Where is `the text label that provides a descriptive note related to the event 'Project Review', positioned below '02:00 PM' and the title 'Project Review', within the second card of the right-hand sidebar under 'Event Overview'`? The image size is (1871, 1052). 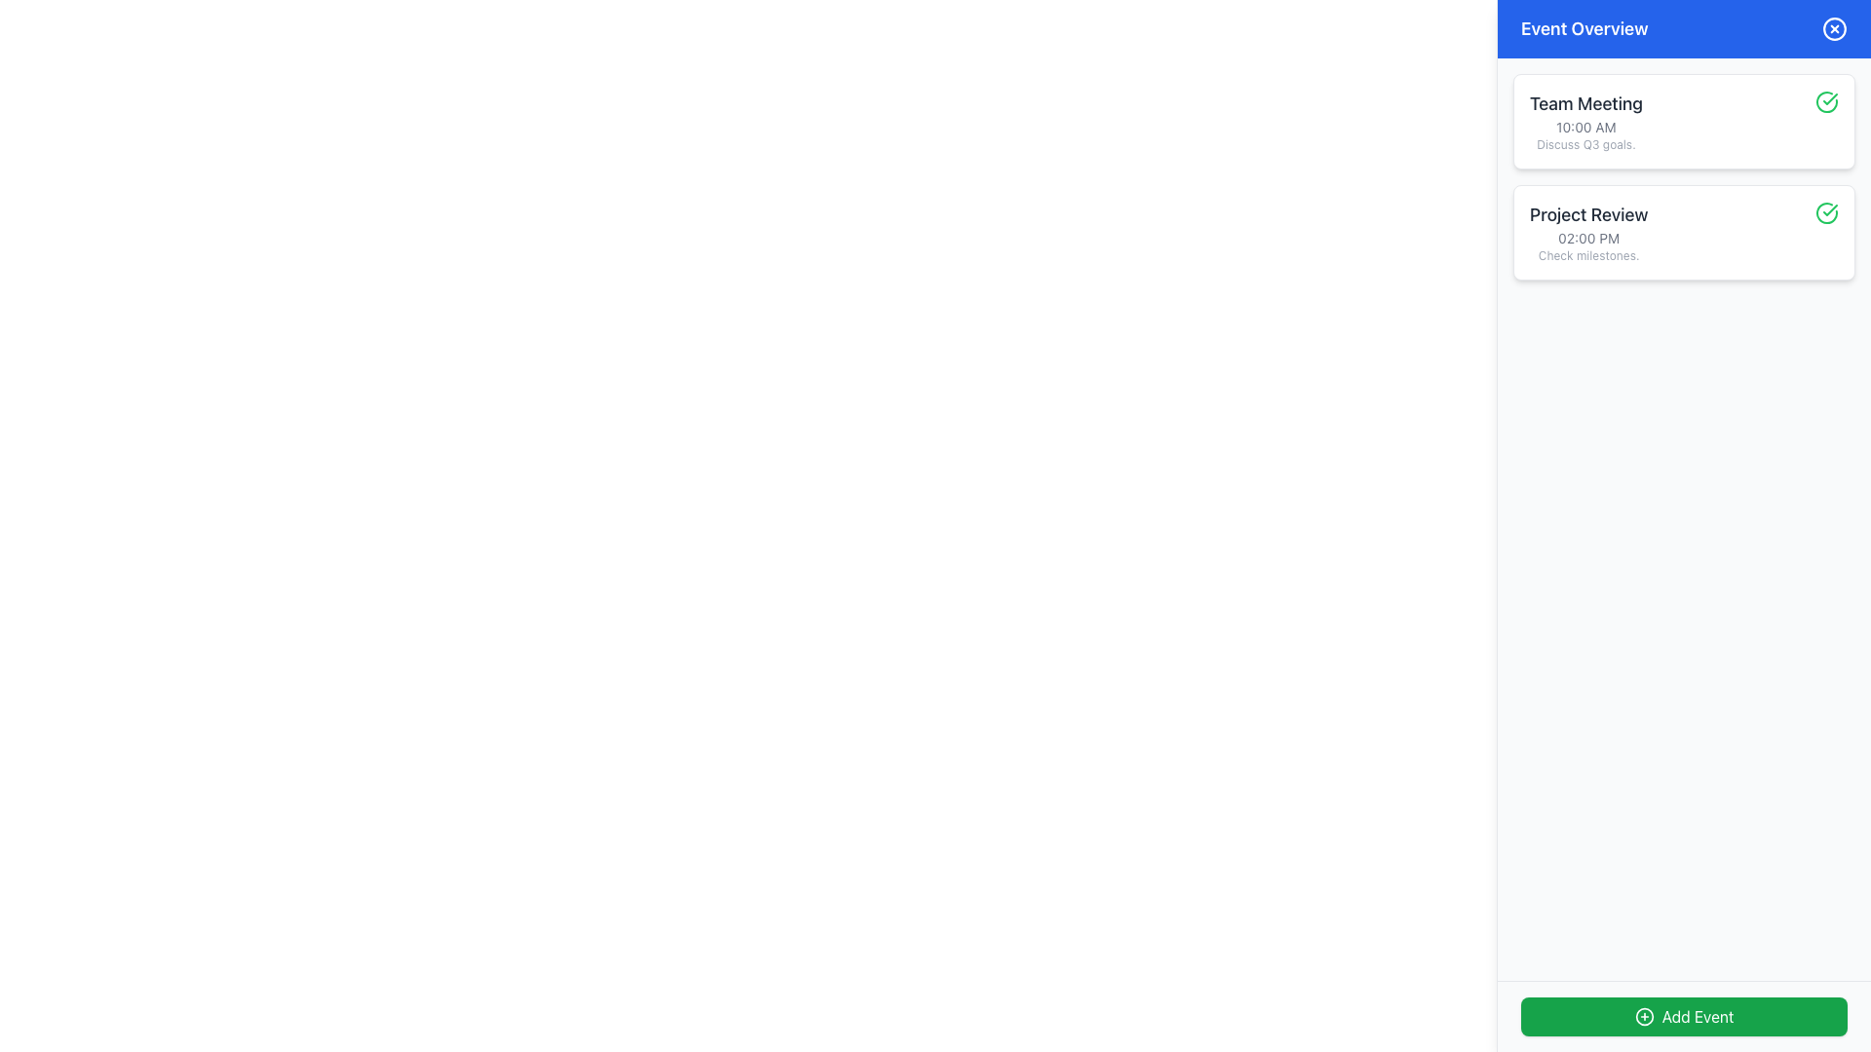 the text label that provides a descriptive note related to the event 'Project Review', positioned below '02:00 PM' and the title 'Project Review', within the second card of the right-hand sidebar under 'Event Overview' is located at coordinates (1588, 254).